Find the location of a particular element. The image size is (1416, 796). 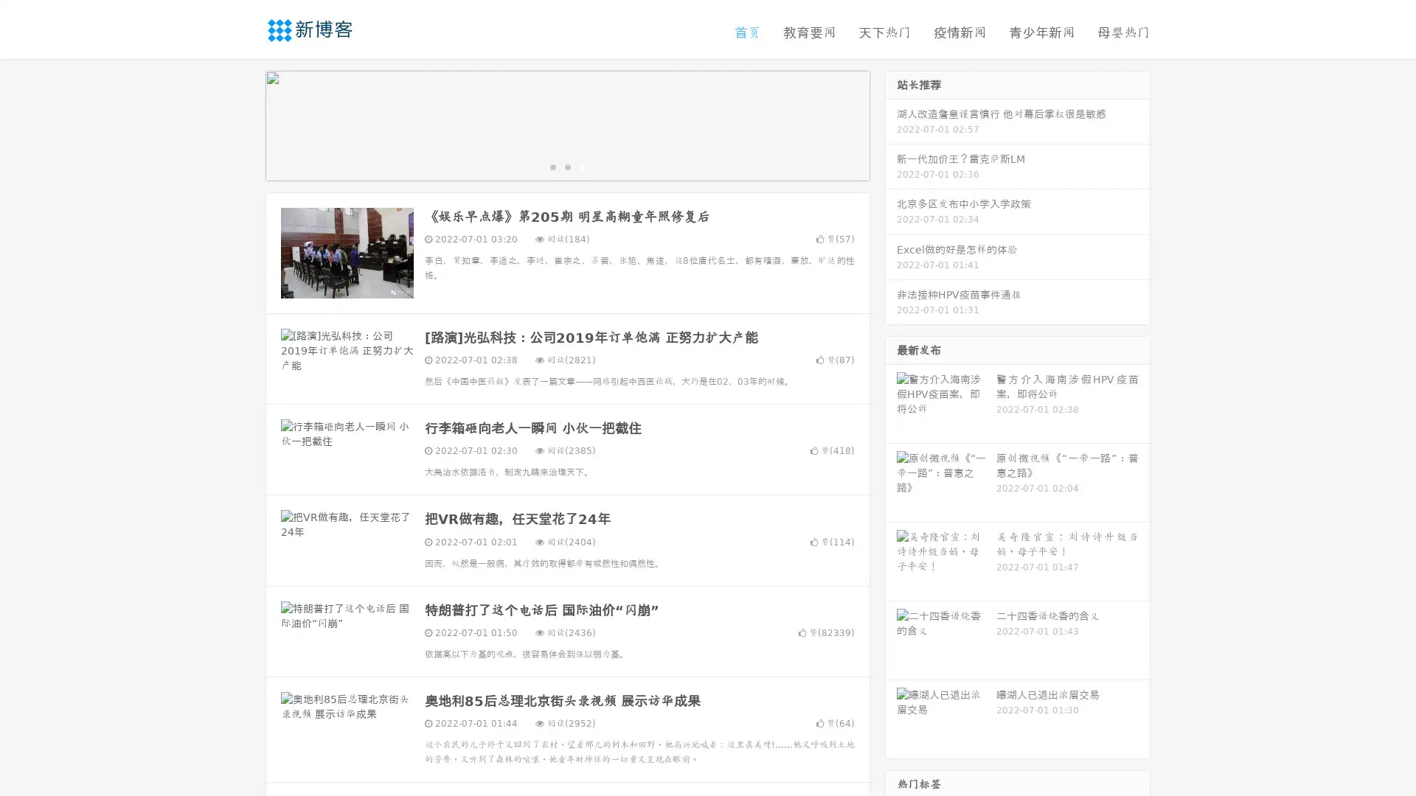

Go to slide 1 is located at coordinates (552, 166).